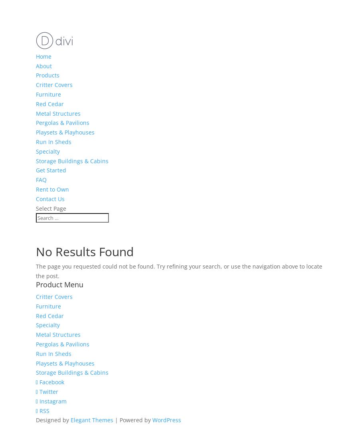 This screenshot has height=425, width=359. What do you see at coordinates (41, 179) in the screenshot?
I see `'FAQ'` at bounding box center [41, 179].